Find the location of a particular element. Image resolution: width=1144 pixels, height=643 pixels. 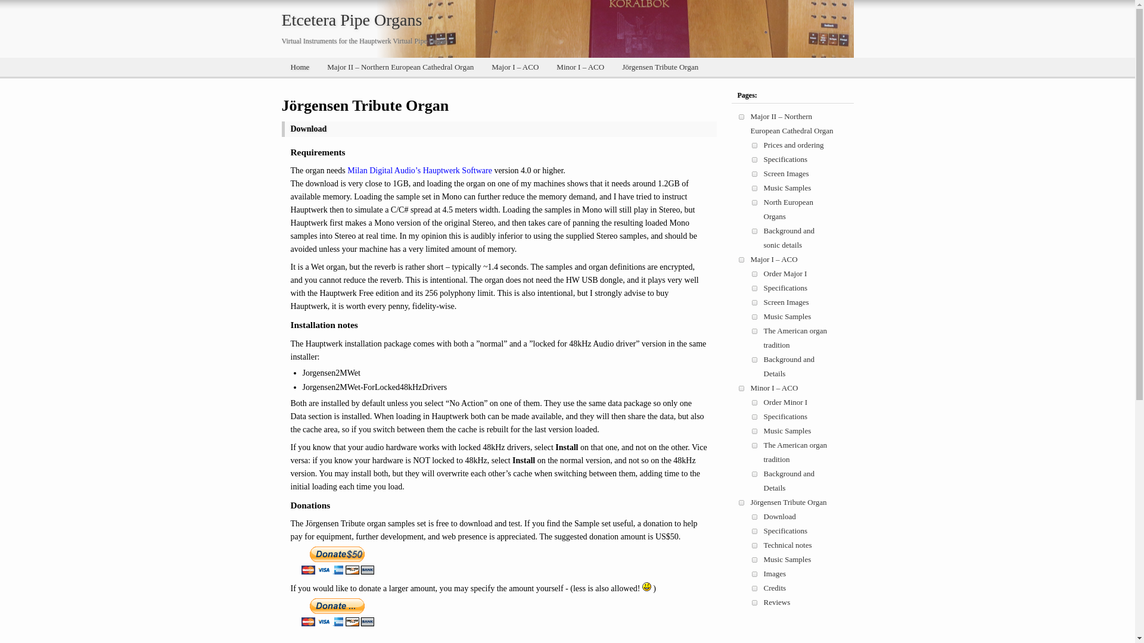

'Reviews' is located at coordinates (763, 602).